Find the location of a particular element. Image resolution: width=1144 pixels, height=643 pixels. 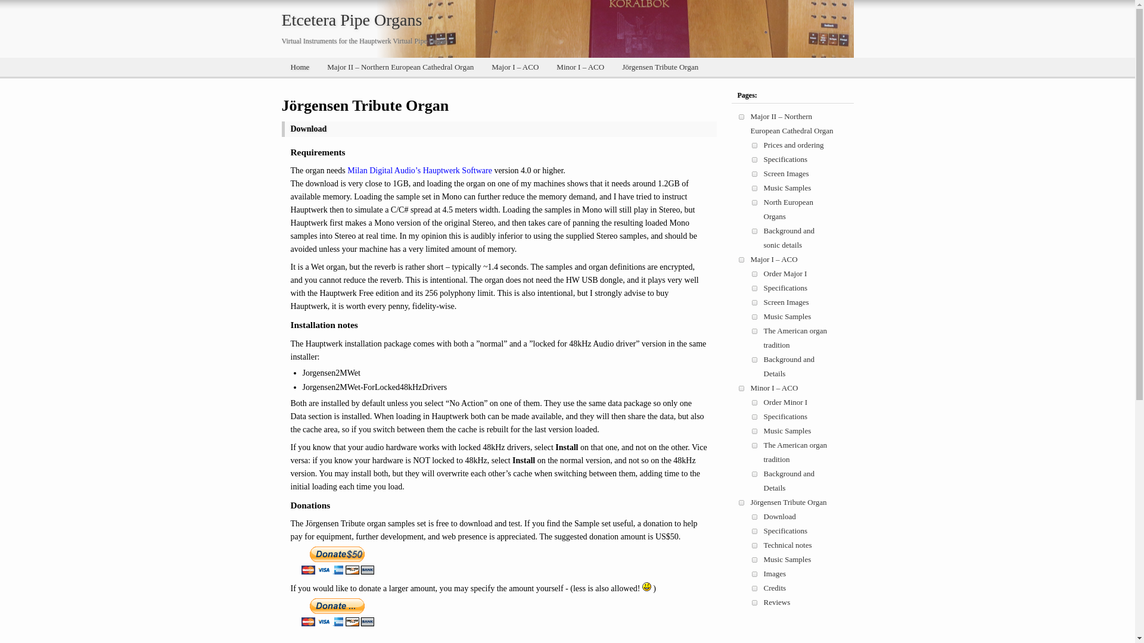

'Reviews' is located at coordinates (763, 602).